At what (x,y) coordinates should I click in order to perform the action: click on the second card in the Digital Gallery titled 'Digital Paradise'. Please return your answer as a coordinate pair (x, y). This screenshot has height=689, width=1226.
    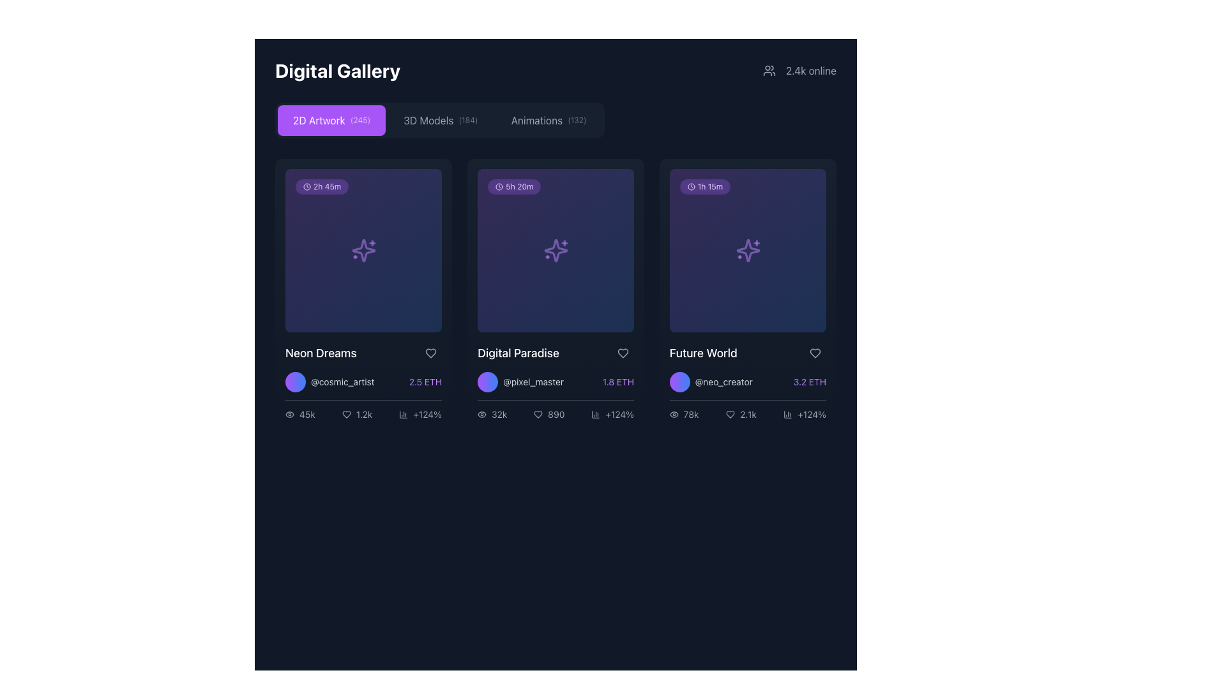
    Looking at the image, I should click on (556, 295).